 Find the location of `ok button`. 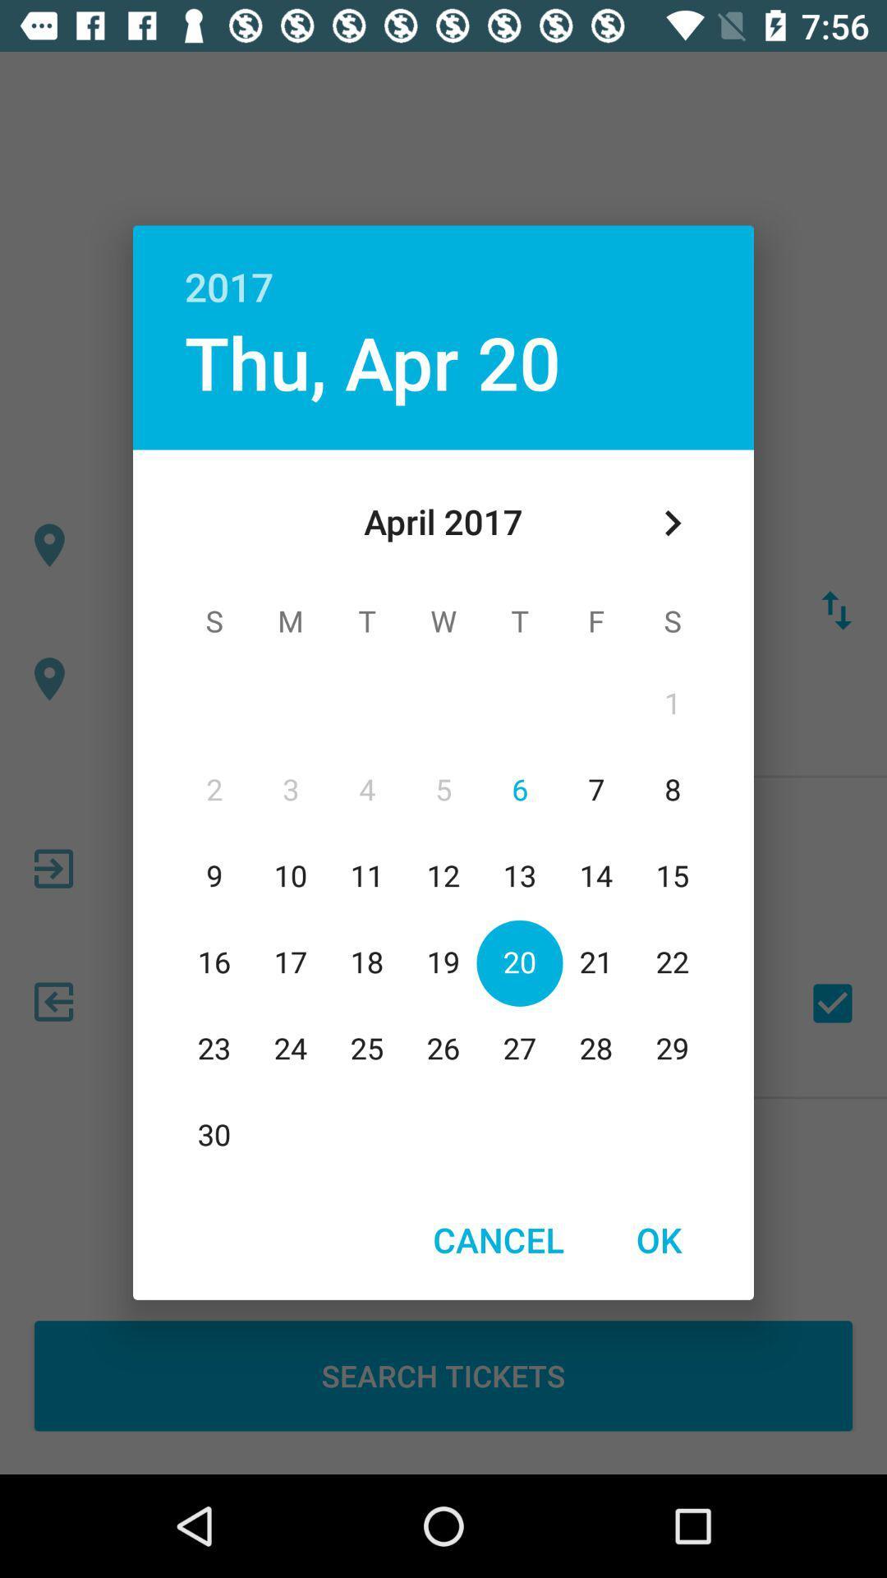

ok button is located at coordinates (658, 1239).